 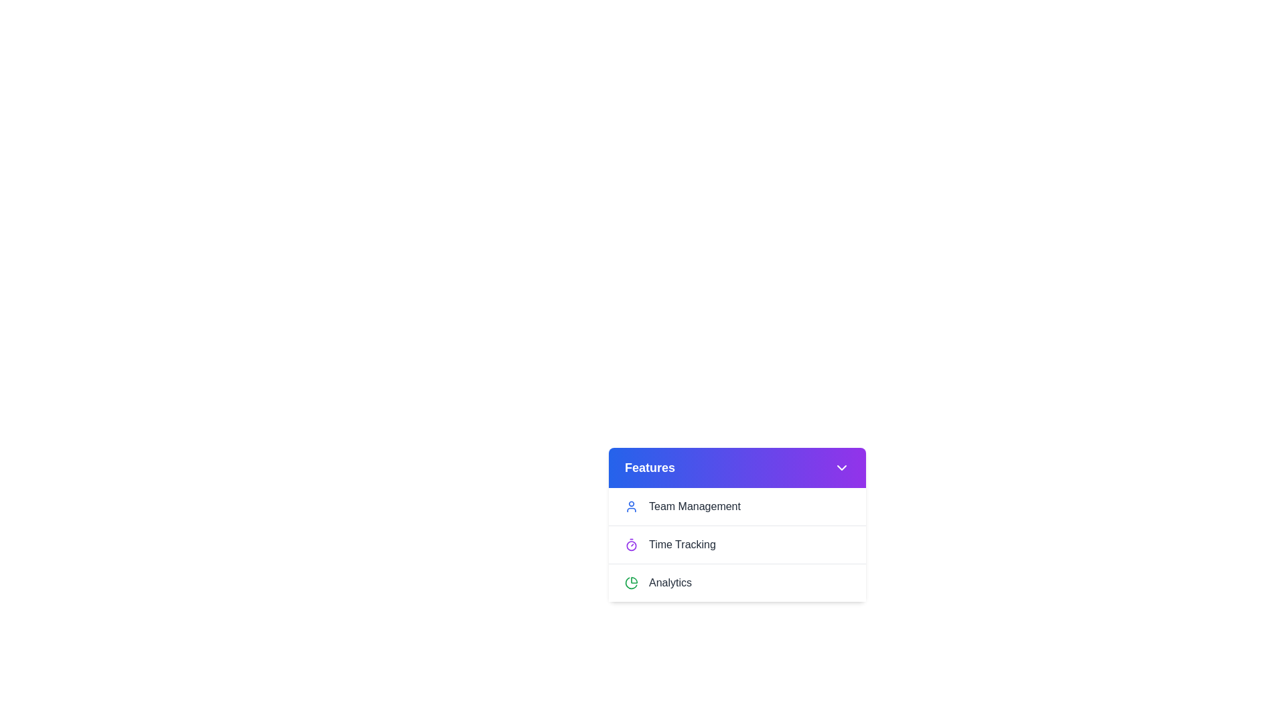 What do you see at coordinates (630, 582) in the screenshot?
I see `the icon next to Analytics to interact with it` at bounding box center [630, 582].